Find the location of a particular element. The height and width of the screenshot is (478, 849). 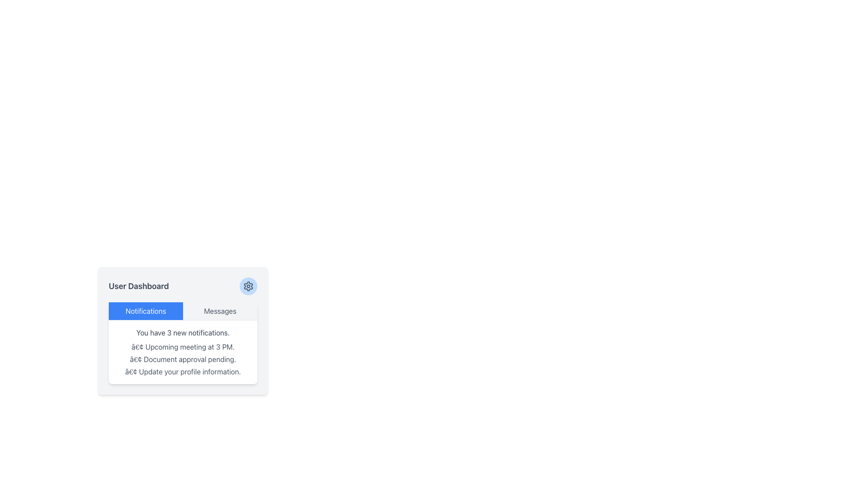

the notification message indicating an upcoming meeting scheduled at 3 PM located in the bottom left section of the User Dashboard card is located at coordinates (182, 346).